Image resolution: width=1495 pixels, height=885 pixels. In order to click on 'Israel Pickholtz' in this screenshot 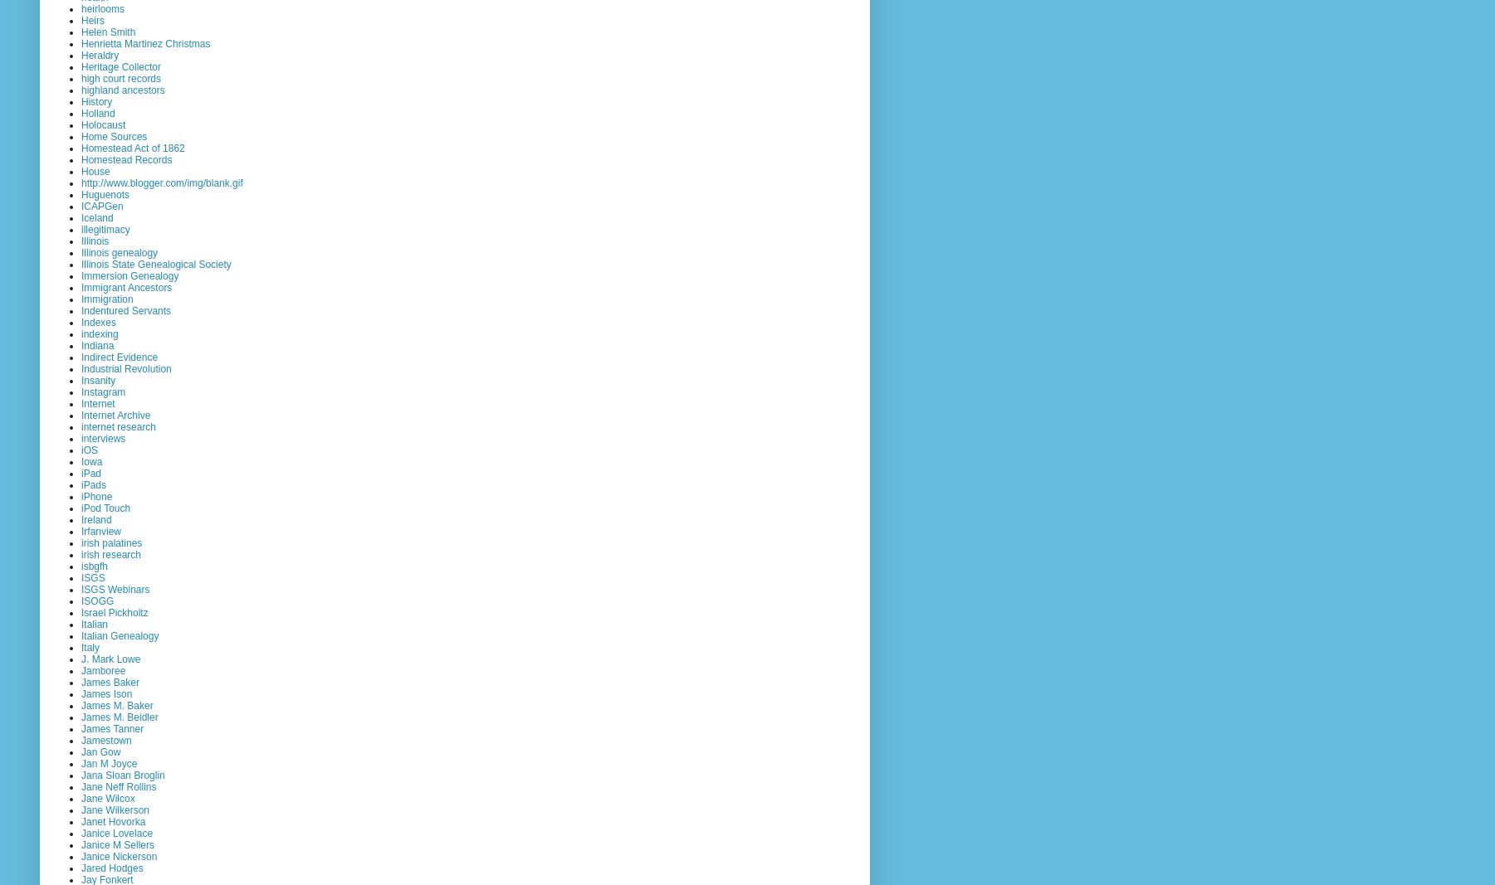, I will do `click(114, 611)`.